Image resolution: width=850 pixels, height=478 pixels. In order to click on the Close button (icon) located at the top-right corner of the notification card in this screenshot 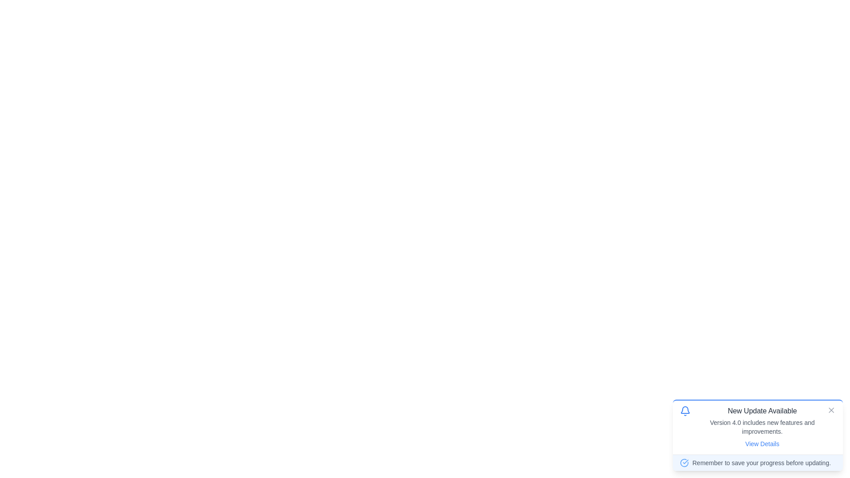, I will do `click(831, 410)`.